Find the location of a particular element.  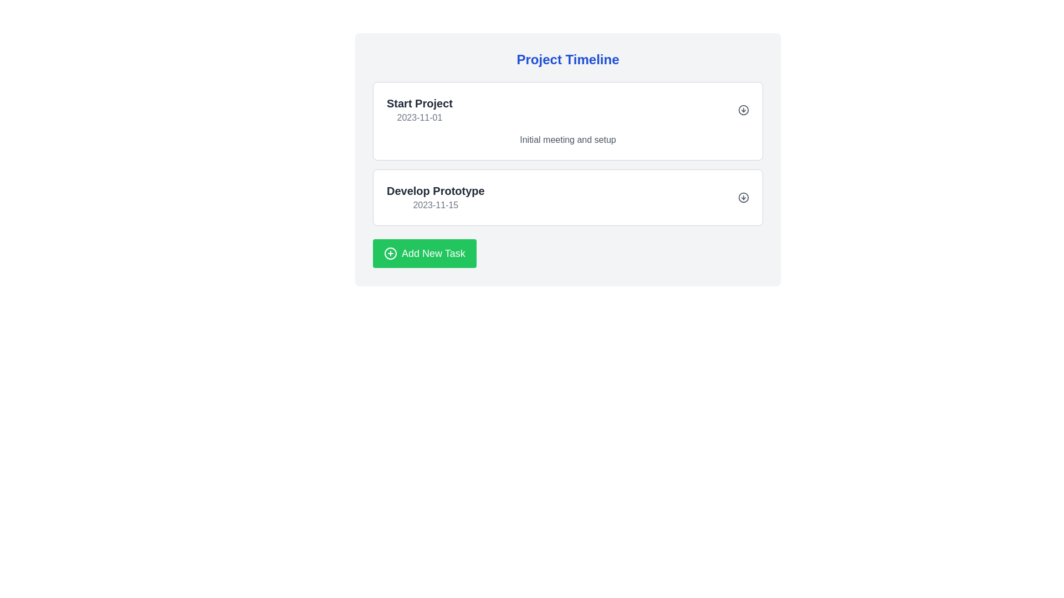

the static text displaying the date associated with the 'Develop Prototype' task, located in the card section directly beneath the task title is located at coordinates (435, 205).